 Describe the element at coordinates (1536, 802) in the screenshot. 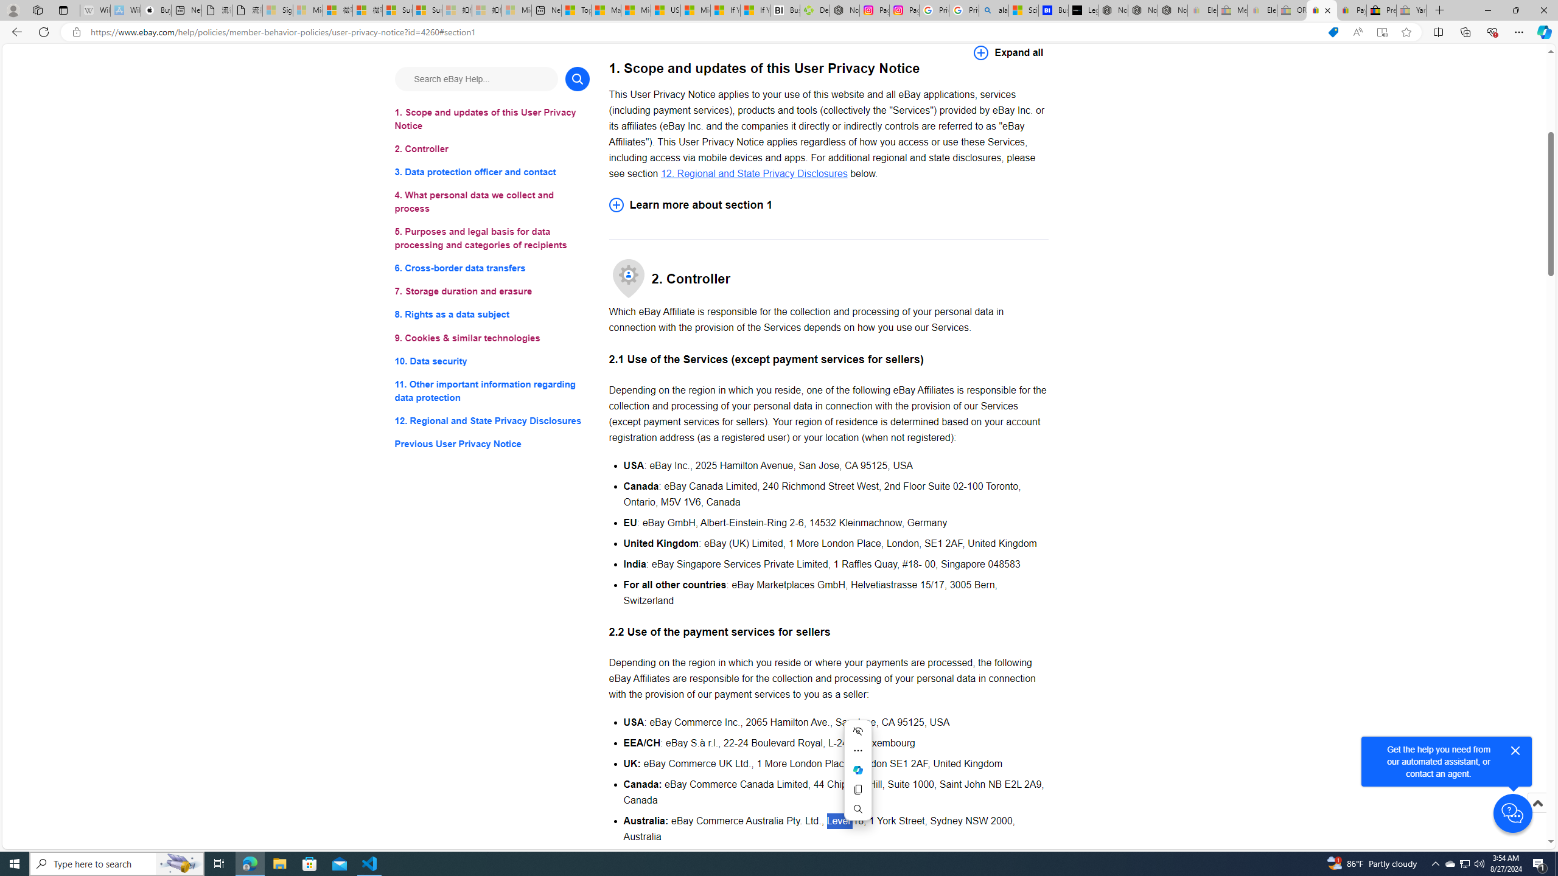

I see `'Scroll to top'` at that location.